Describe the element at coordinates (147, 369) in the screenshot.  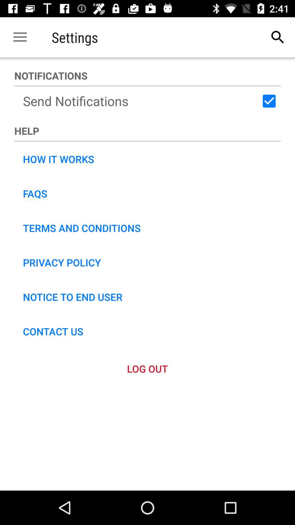
I see `the icon below contact us` at that location.